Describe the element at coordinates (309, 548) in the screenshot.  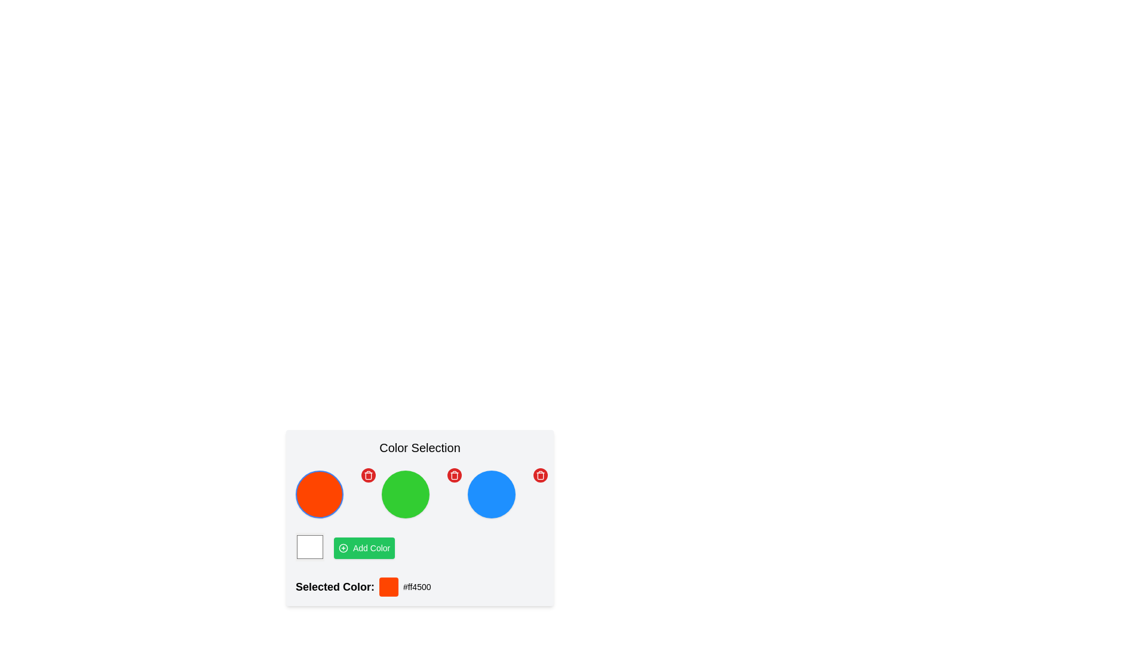
I see `the color selector or interaction box located to the left of the green 'Add Color' button` at that location.